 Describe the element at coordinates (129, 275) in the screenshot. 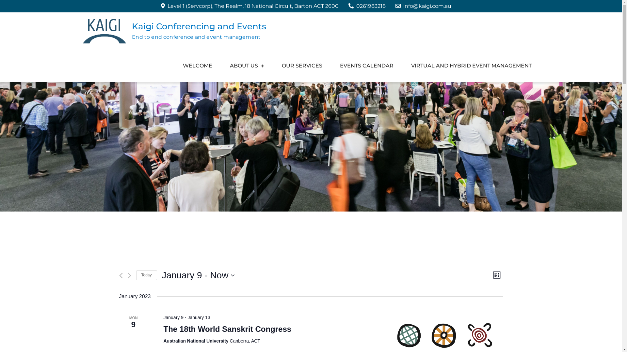

I see `'Next Events'` at that location.